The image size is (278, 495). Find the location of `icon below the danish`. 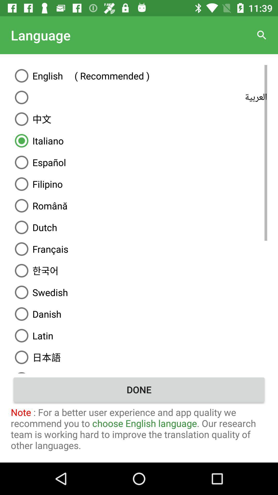

icon below the danish is located at coordinates (139, 335).